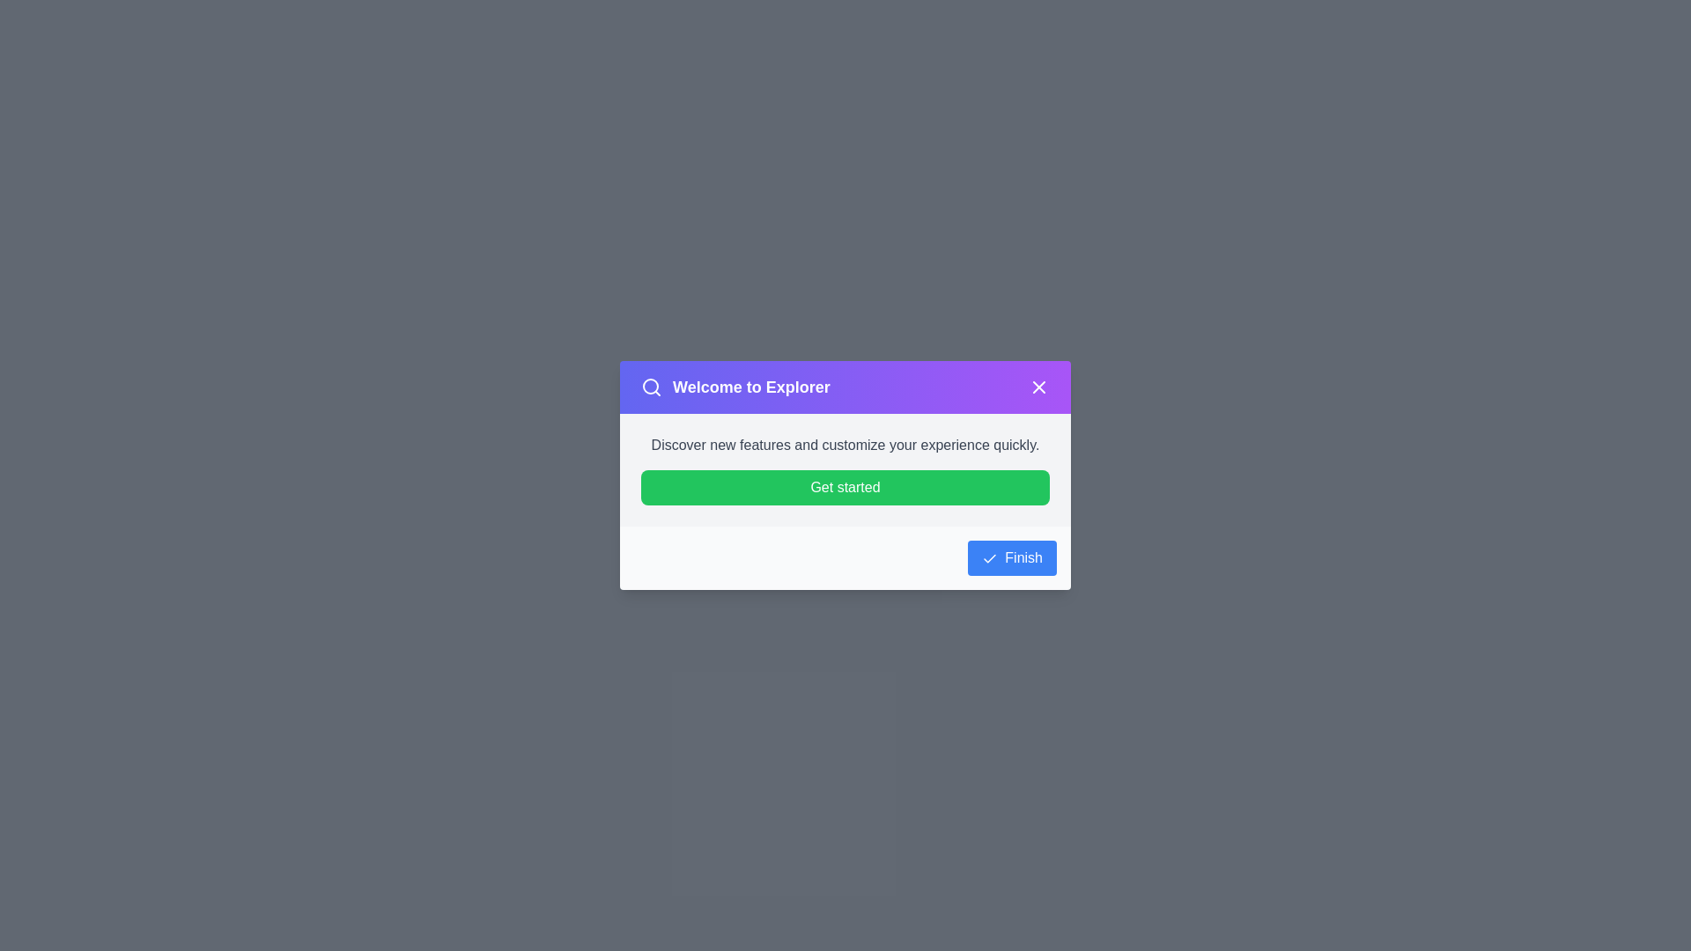  What do you see at coordinates (1039, 386) in the screenshot?
I see `the close button in the top-right corner of the WelcomeDialog` at bounding box center [1039, 386].